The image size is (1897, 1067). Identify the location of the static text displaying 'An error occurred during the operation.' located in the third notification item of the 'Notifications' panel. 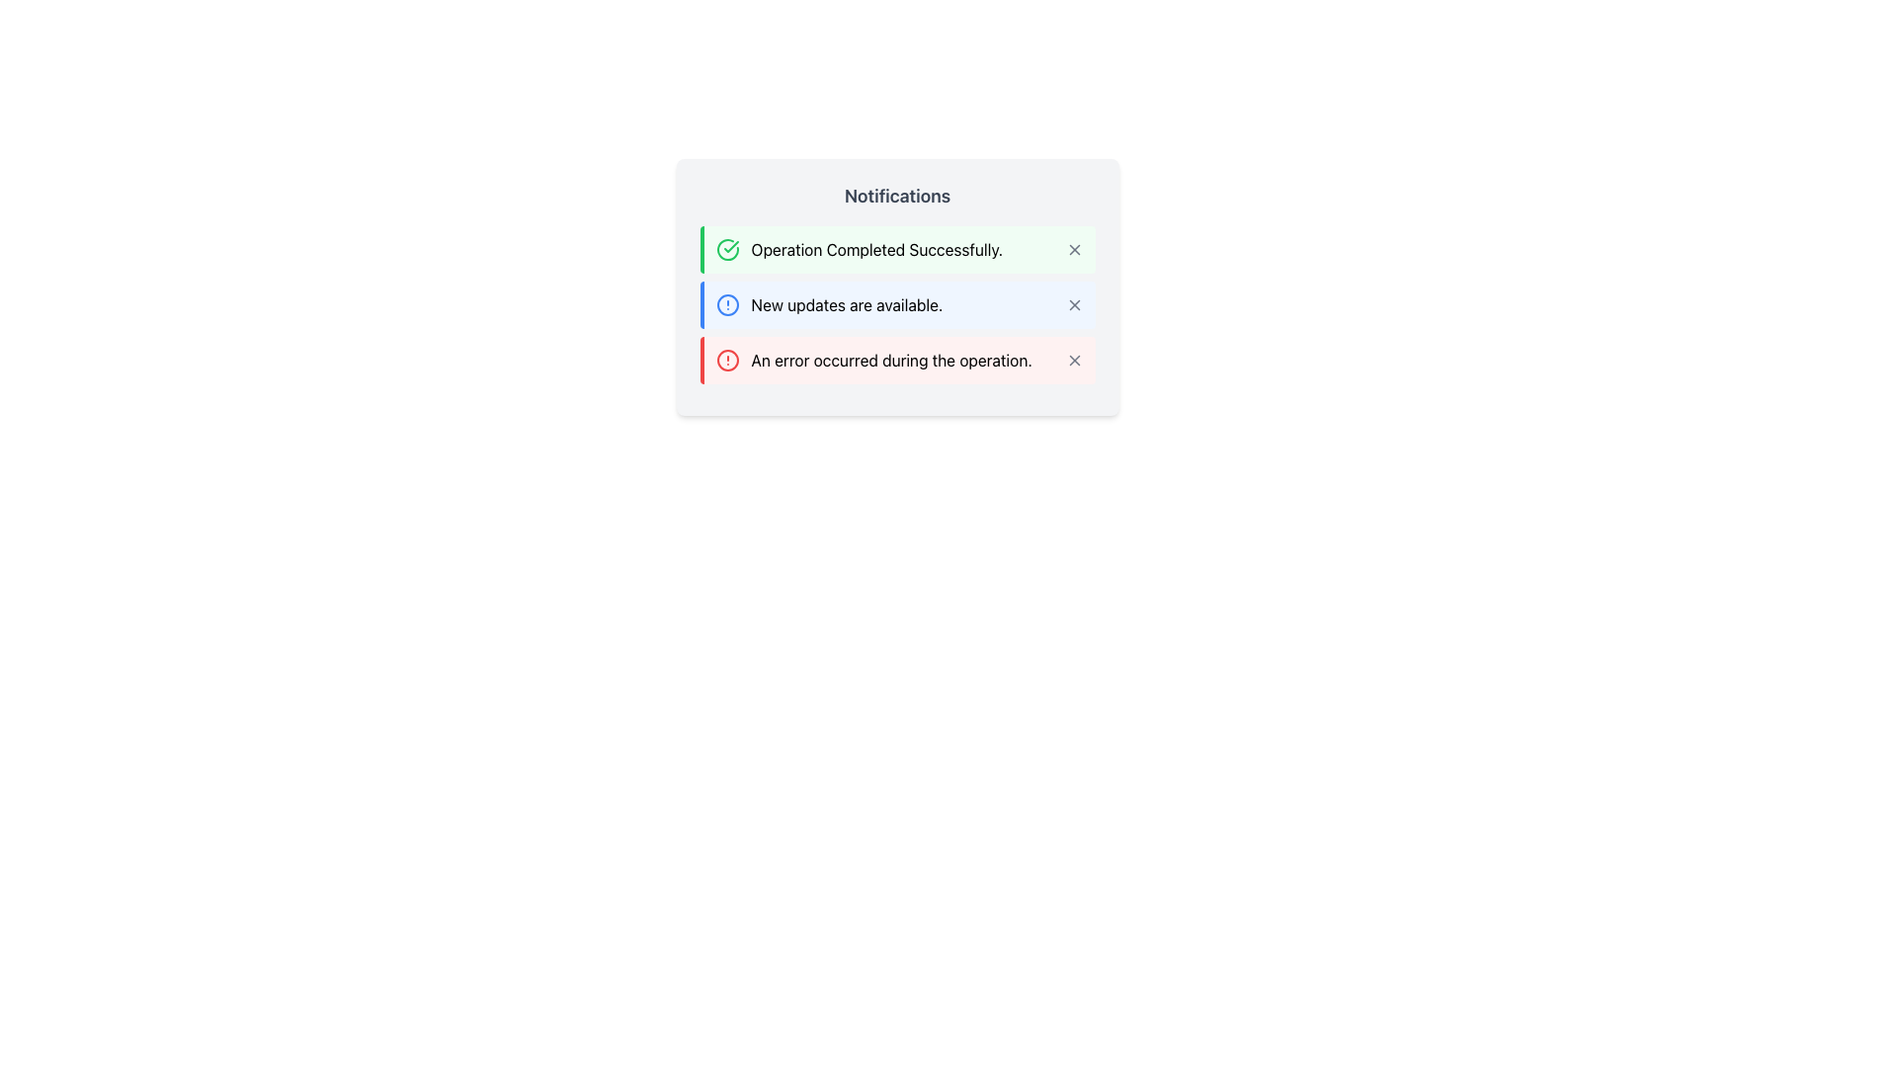
(890, 361).